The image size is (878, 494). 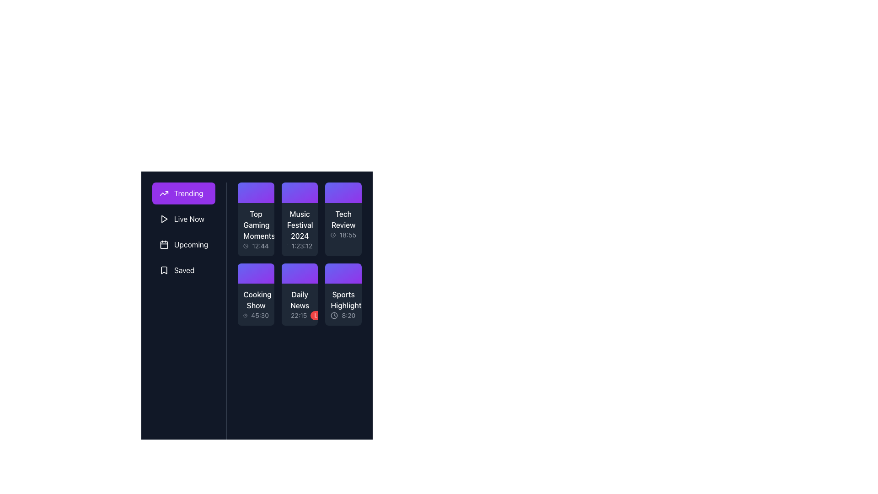 I want to click on the text label displaying the duration or start time for the 'Daily News' content, which is right-aligned to the 'LIVE' badge in the second row, second column of the grid layout, so click(x=299, y=315).